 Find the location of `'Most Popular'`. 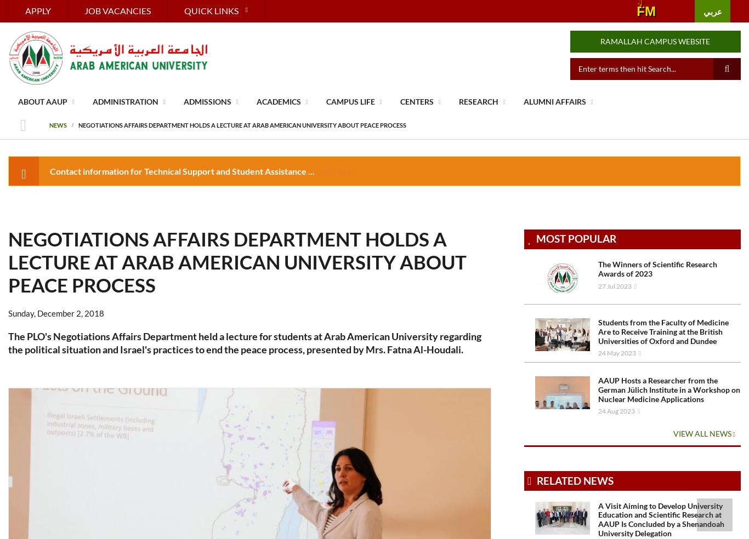

'Most Popular' is located at coordinates (575, 238).